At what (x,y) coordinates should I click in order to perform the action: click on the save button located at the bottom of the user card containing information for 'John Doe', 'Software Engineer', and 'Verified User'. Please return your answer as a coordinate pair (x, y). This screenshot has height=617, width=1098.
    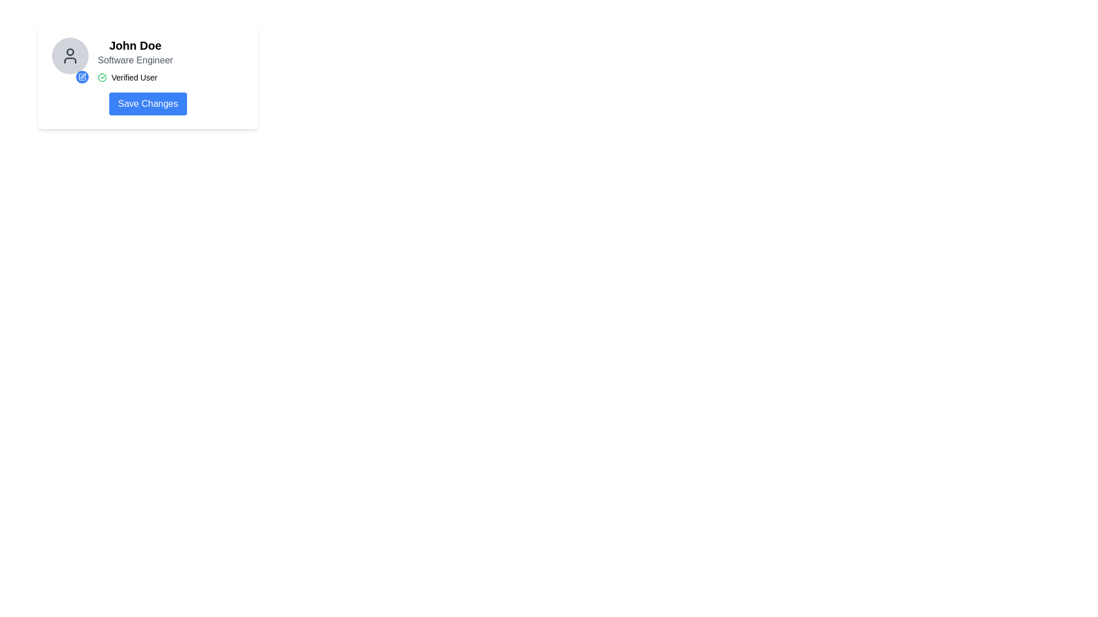
    Looking at the image, I should click on (148, 103).